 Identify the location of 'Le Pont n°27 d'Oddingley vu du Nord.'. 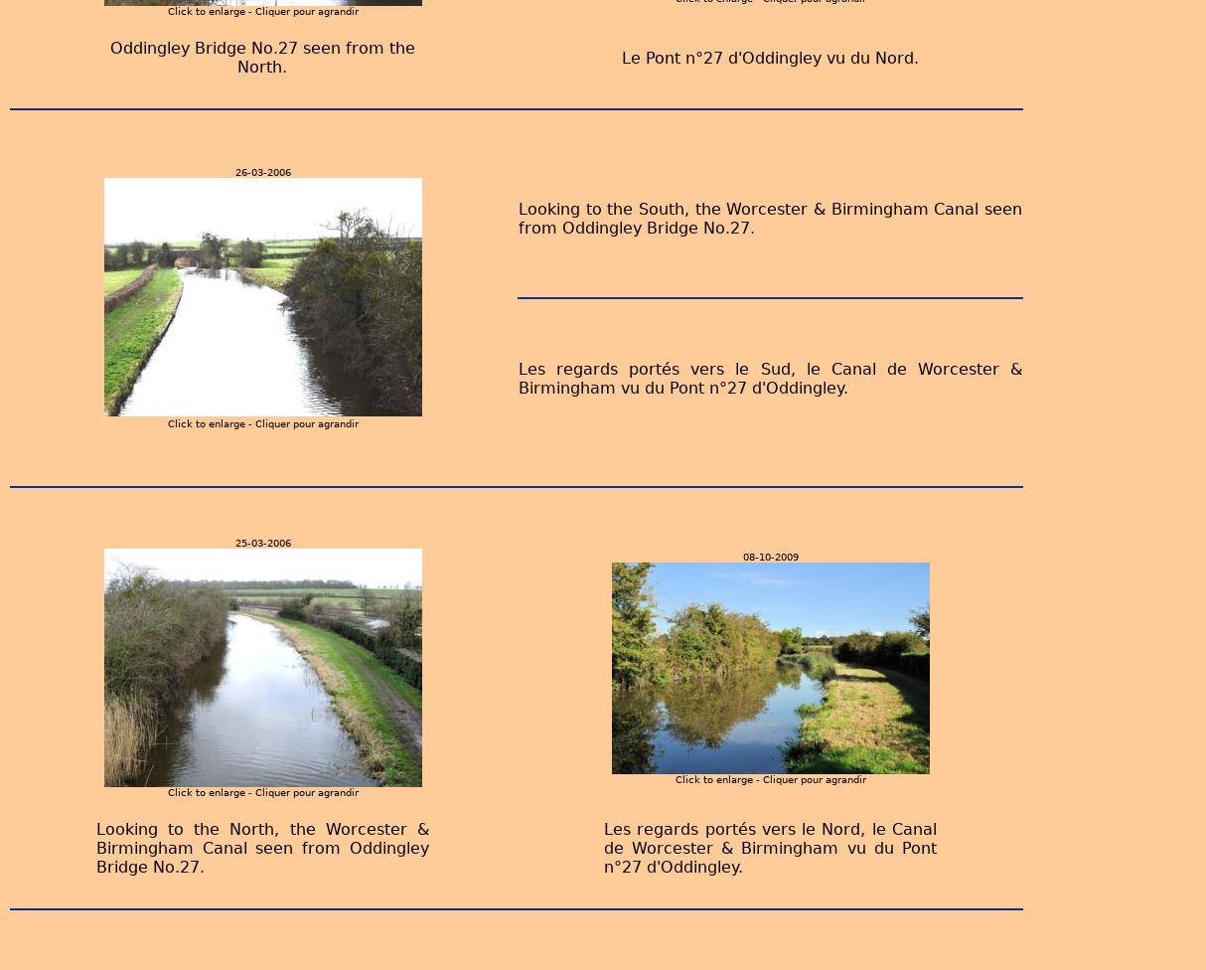
(768, 57).